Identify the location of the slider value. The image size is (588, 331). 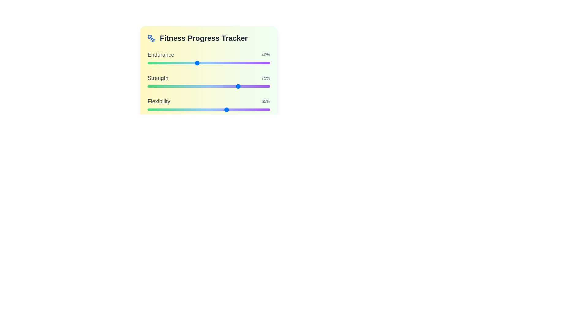
(219, 86).